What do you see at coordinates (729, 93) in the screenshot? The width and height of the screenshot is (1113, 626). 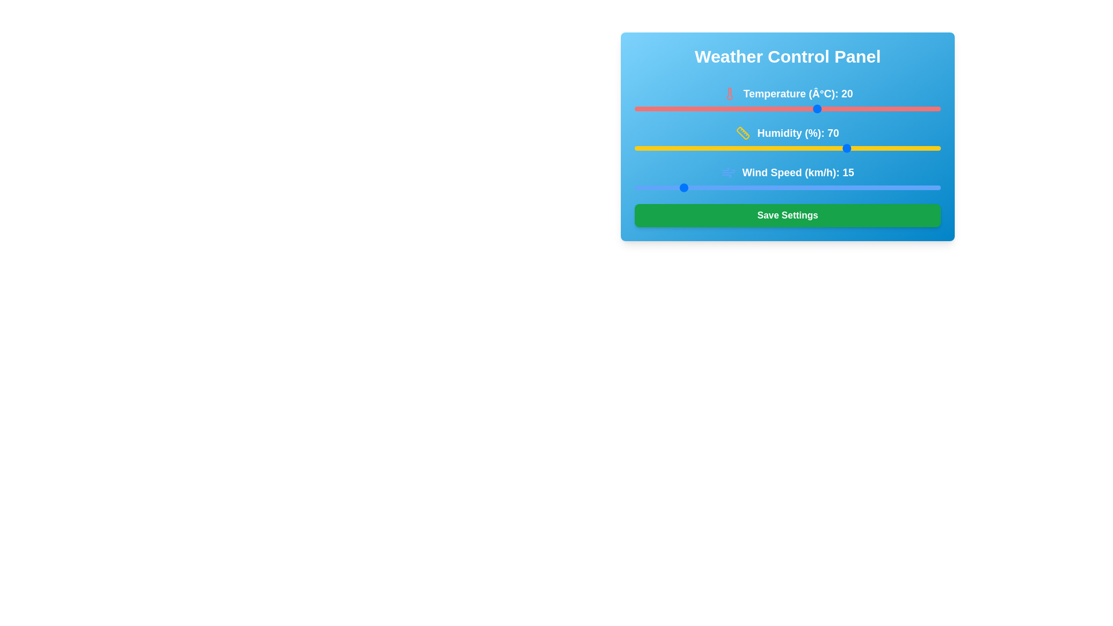 I see `the decorative temperature icon located in the top-left part of the 'Weather Control Panel', next to the 'Temperature (°C): 20' text` at bounding box center [729, 93].